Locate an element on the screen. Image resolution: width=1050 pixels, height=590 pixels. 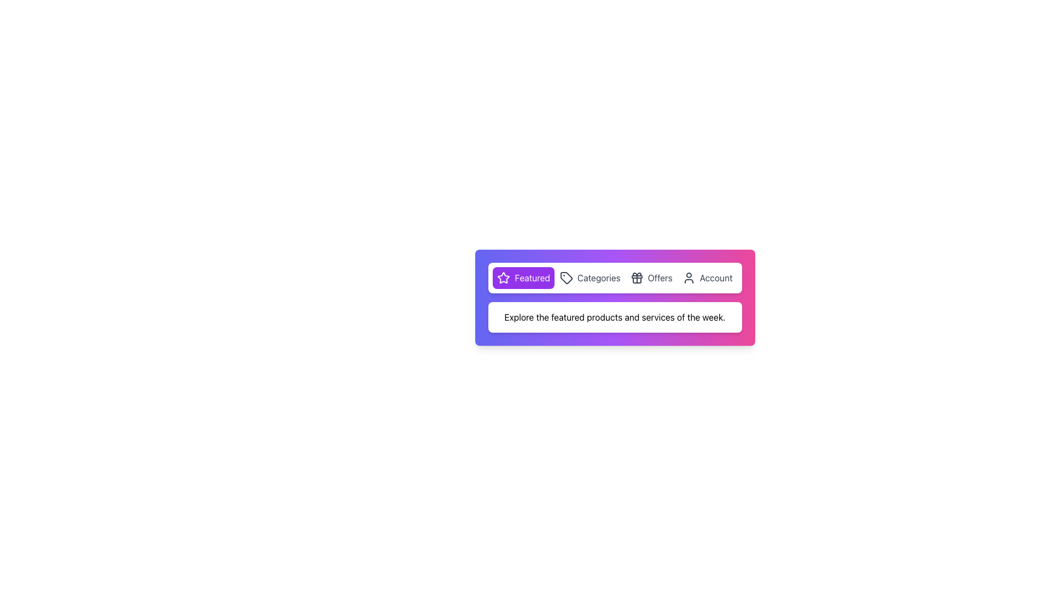
the navigation button located at the far right of a row of four buttons is located at coordinates (707, 278).